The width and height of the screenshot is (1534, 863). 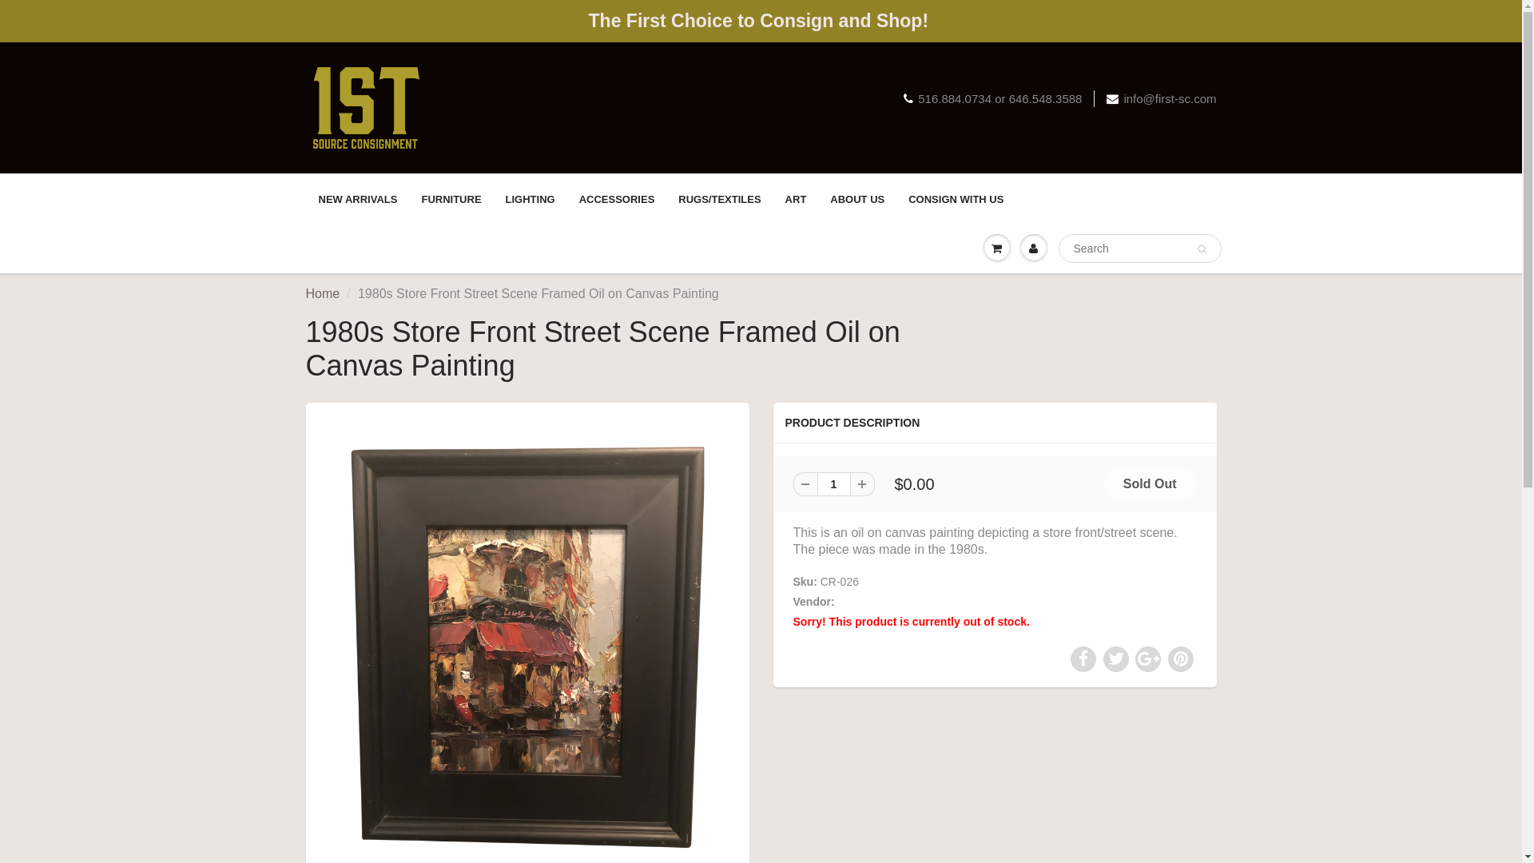 What do you see at coordinates (409, 199) in the screenshot?
I see `'FURNITURE'` at bounding box center [409, 199].